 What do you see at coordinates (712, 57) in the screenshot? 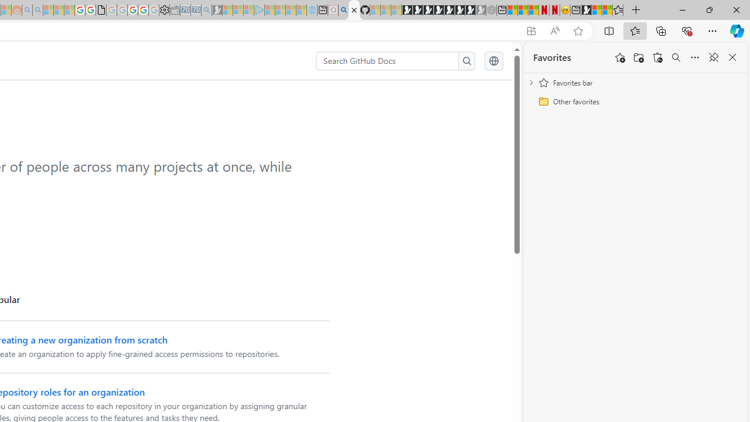
I see `'Unpin favorites'` at bounding box center [712, 57].